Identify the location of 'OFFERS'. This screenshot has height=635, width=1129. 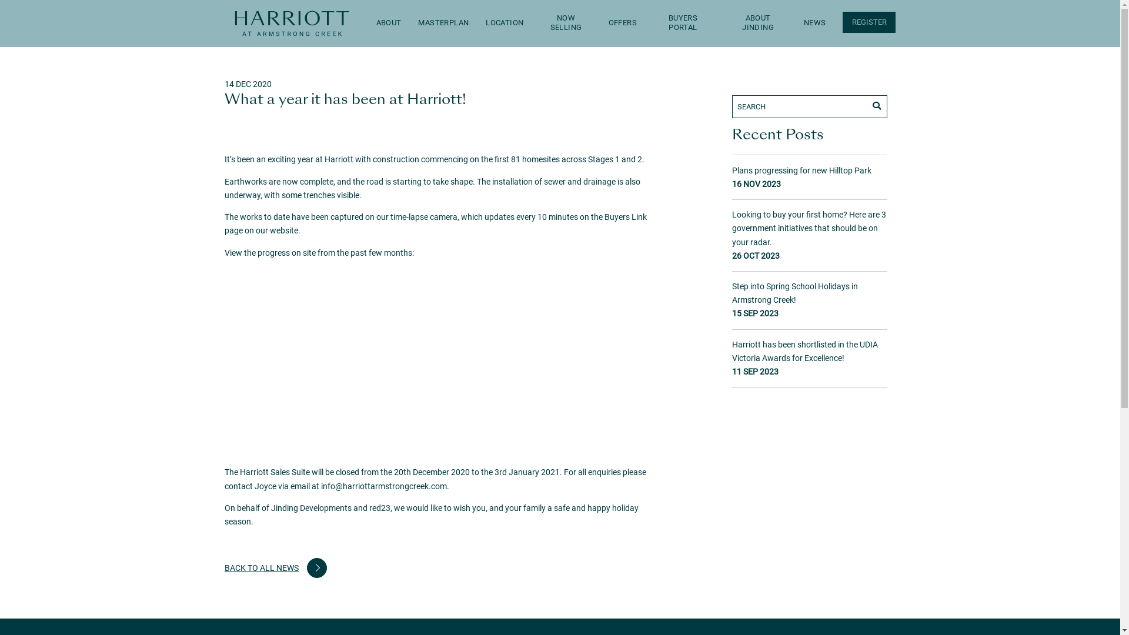
(622, 24).